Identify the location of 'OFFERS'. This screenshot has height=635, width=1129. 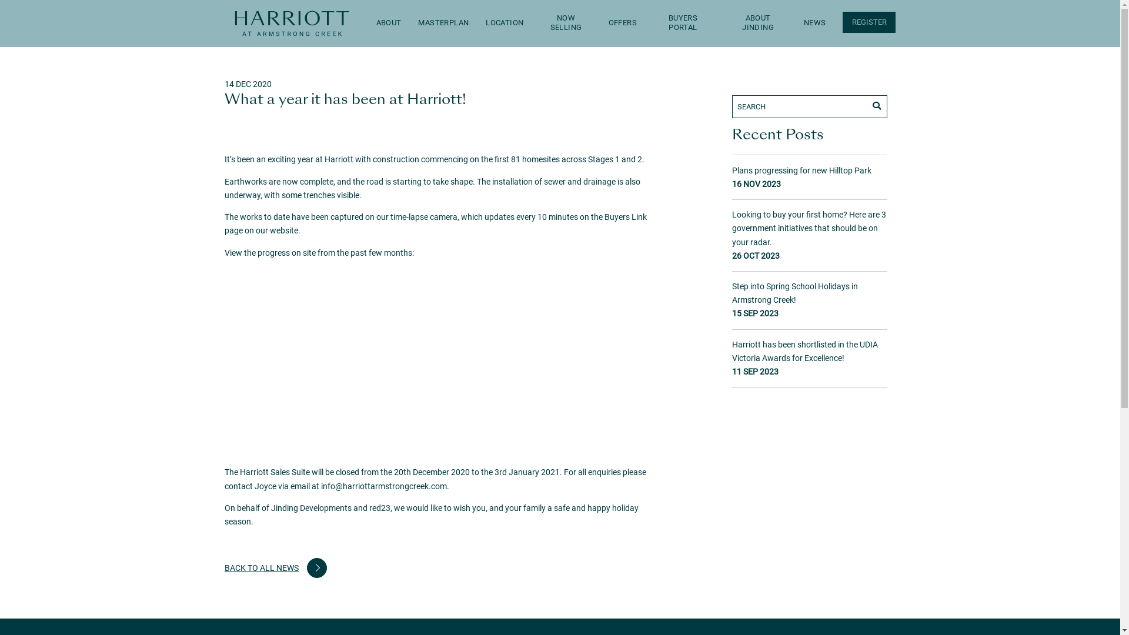
(622, 24).